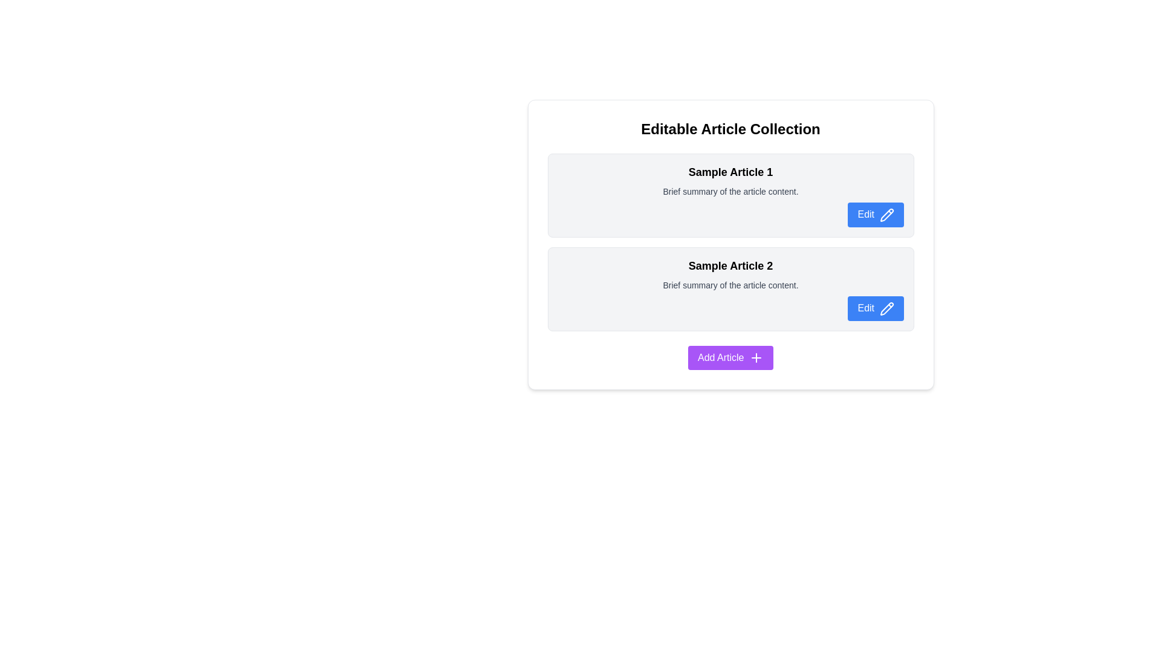  Describe the element at coordinates (755, 357) in the screenshot. I see `the plus sign icon inside the circle with a purple background located to the right of the 'Add Article' button below the article list` at that location.